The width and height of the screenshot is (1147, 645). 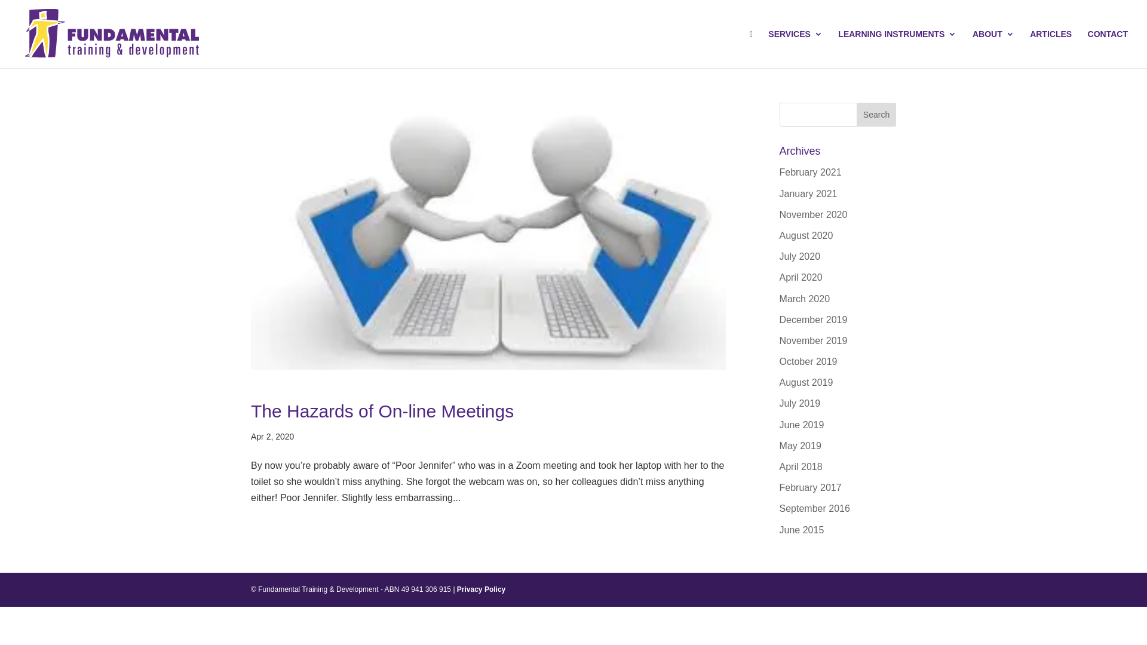 What do you see at coordinates (806, 235) in the screenshot?
I see `'August 2020'` at bounding box center [806, 235].